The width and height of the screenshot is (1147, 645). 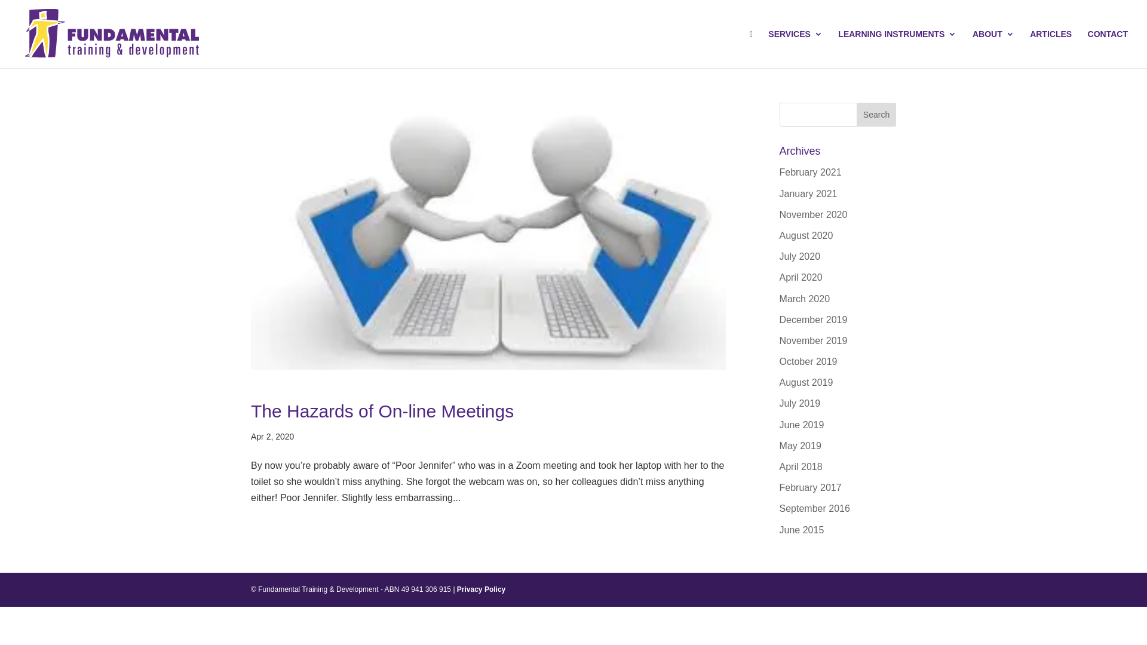 What do you see at coordinates (806, 235) in the screenshot?
I see `'August 2020'` at bounding box center [806, 235].